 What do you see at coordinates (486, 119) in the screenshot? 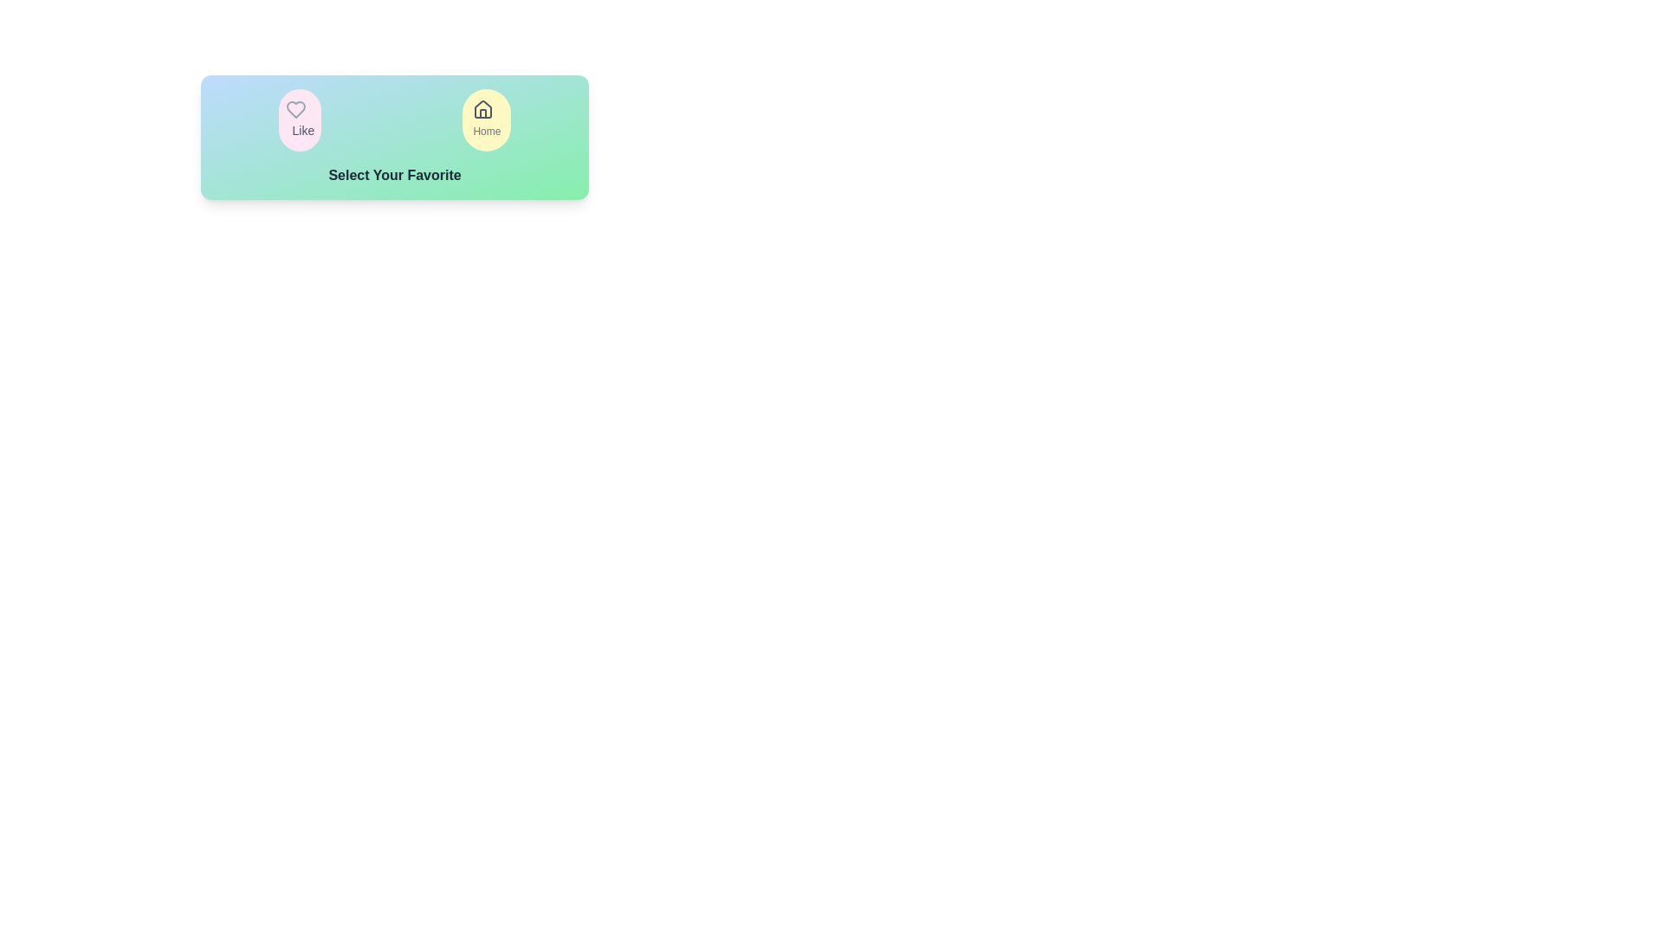
I see `the circular button with a yellow background and house icon labeled 'Home'` at bounding box center [486, 119].